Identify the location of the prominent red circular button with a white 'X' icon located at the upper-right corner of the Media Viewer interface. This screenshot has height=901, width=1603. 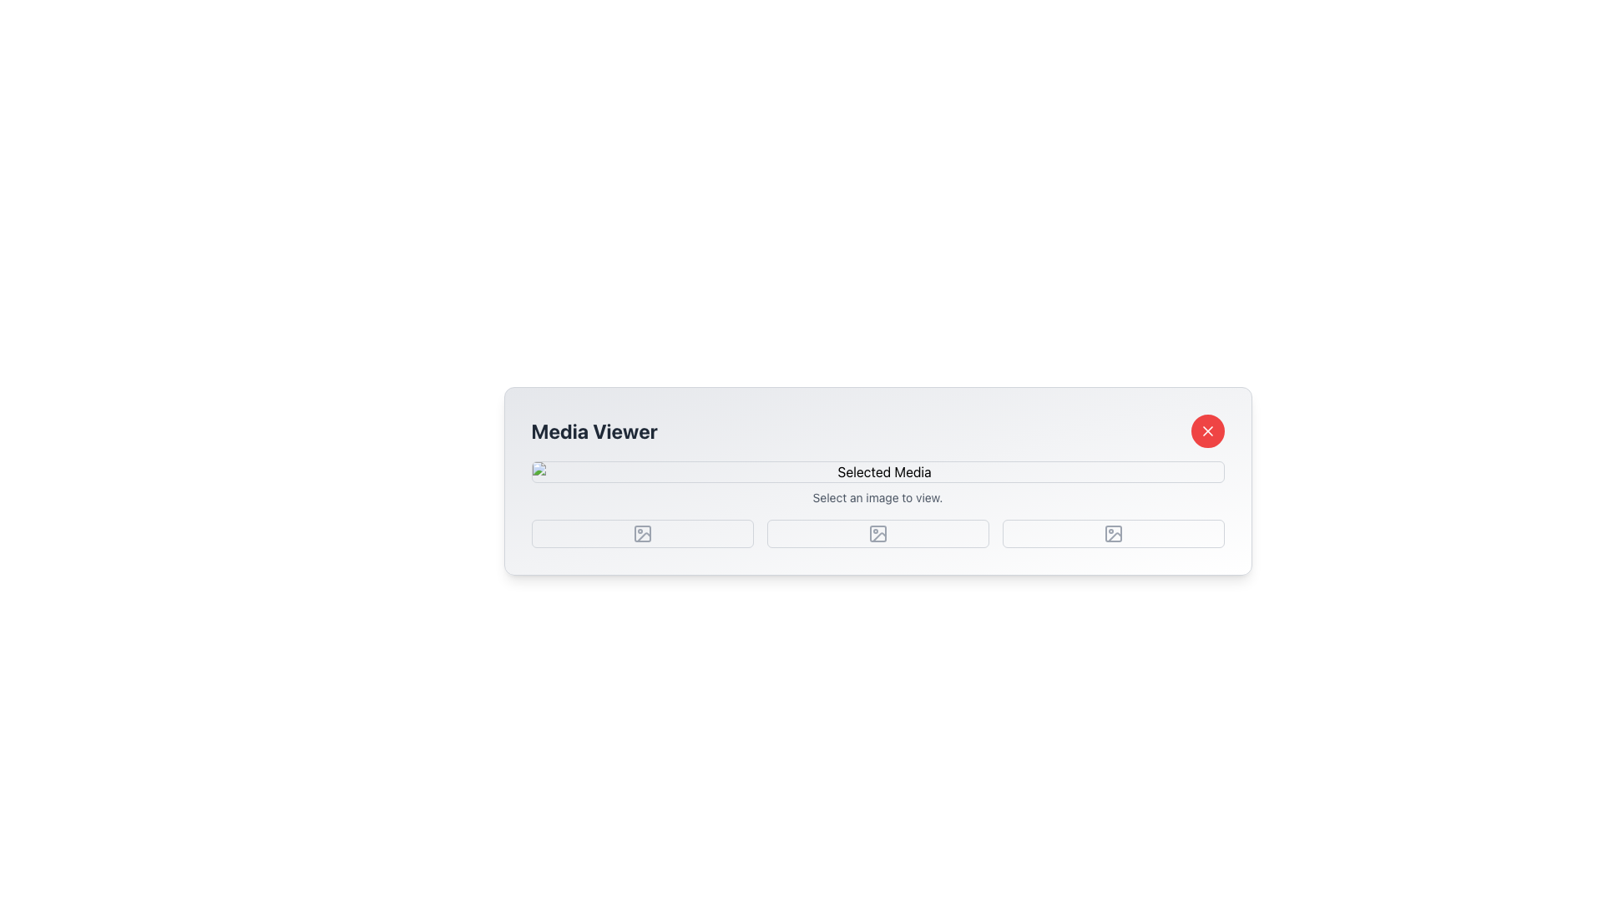
(1207, 430).